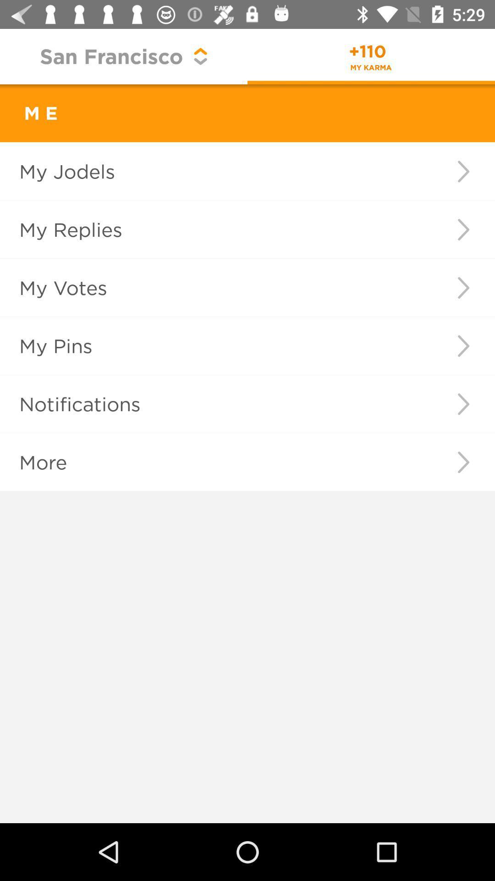 The width and height of the screenshot is (495, 881). I want to click on icon next to my votes icon, so click(463, 287).